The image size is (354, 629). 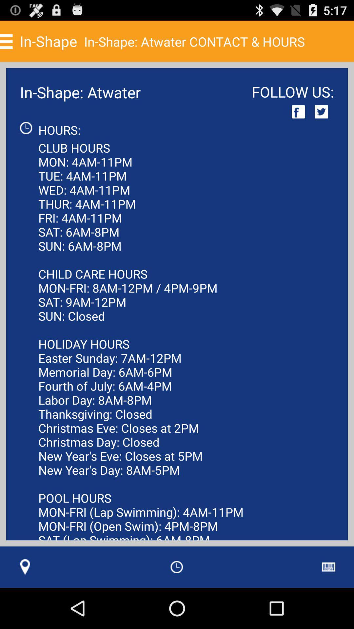 I want to click on item to the right of the club hours mon app, so click(x=328, y=567).